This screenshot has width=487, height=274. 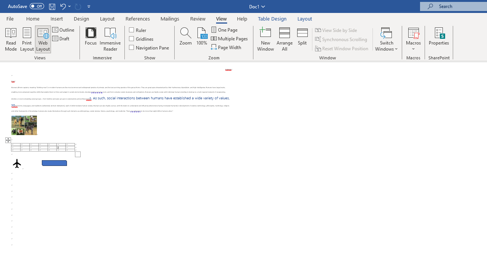 What do you see at coordinates (24, 125) in the screenshot?
I see `'Morphological variation in six dogs'` at bounding box center [24, 125].